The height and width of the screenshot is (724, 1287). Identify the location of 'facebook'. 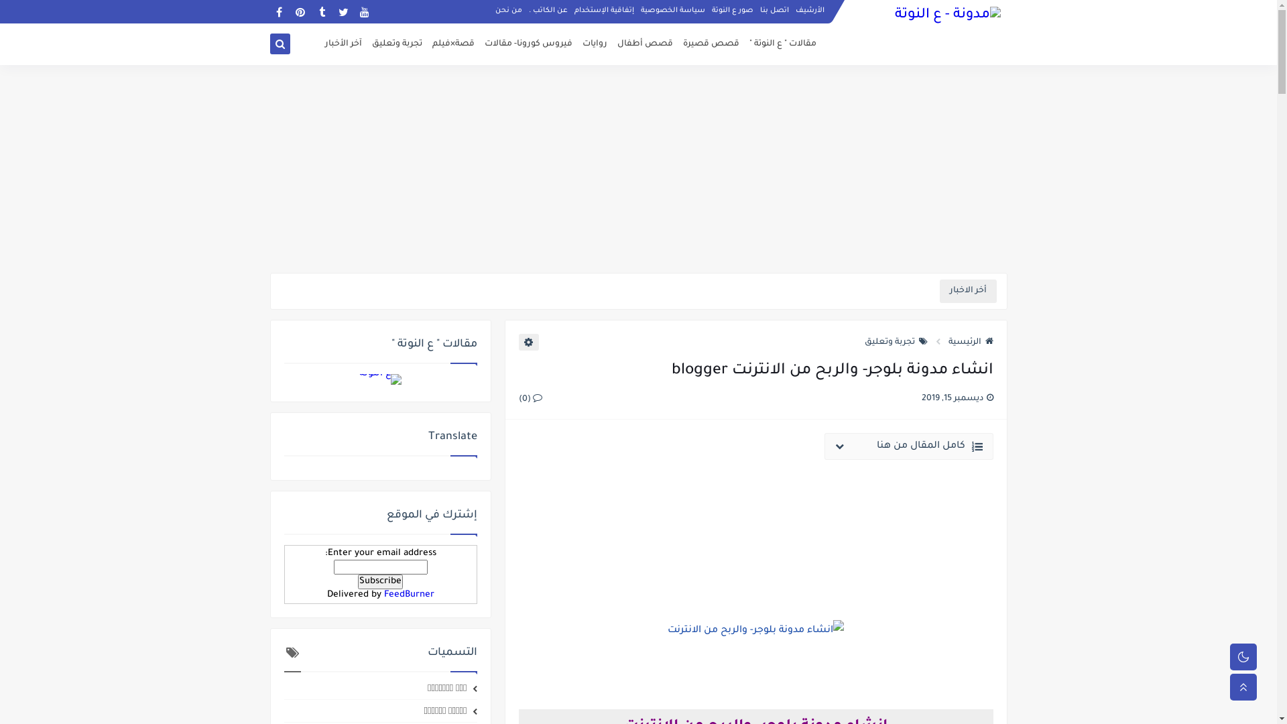
(278, 11).